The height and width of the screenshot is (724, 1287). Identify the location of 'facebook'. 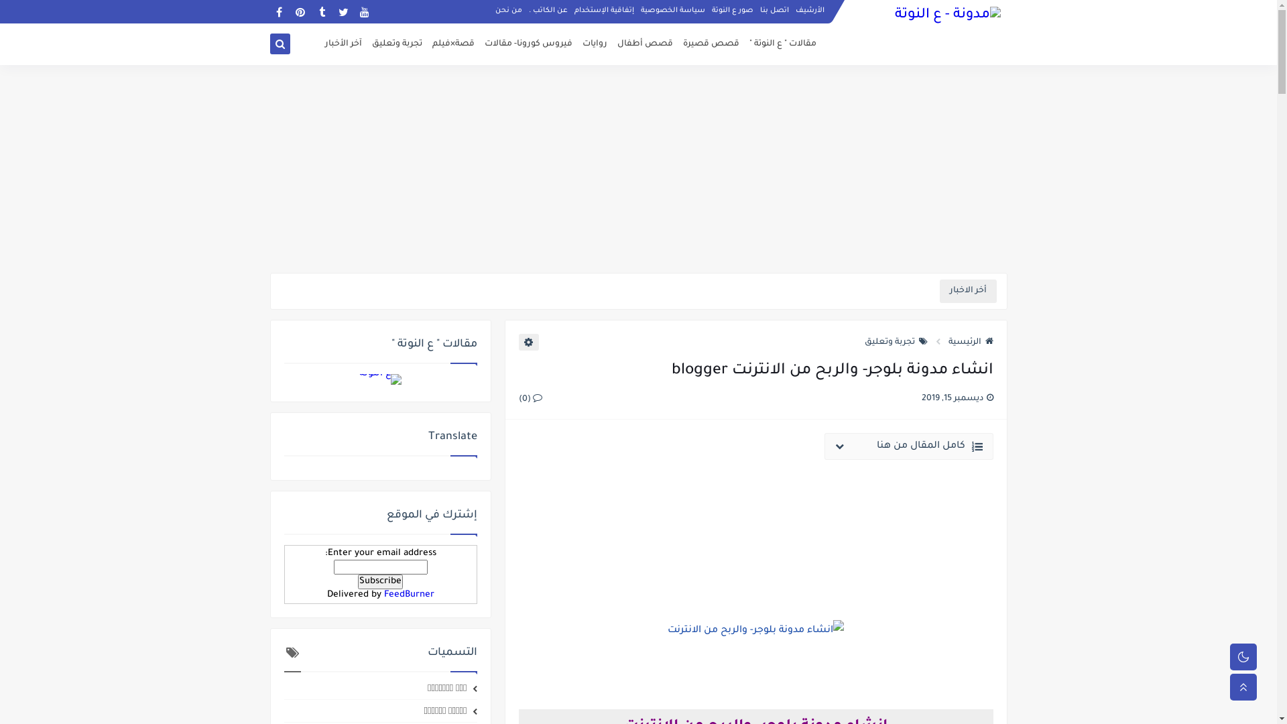
(278, 11).